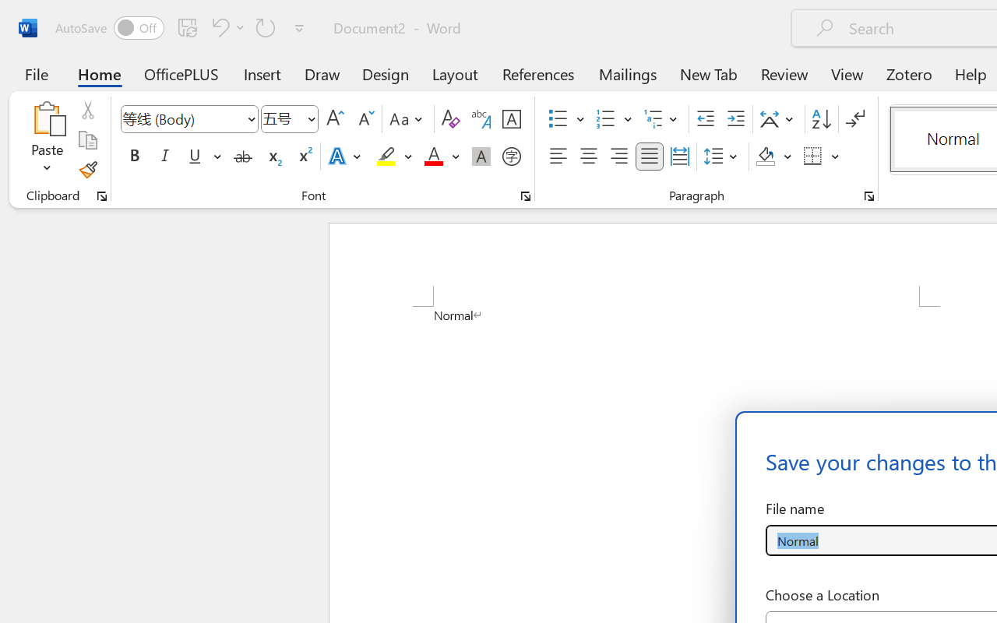 Image resolution: width=997 pixels, height=623 pixels. Describe the element at coordinates (165, 157) in the screenshot. I see `'Italic'` at that location.